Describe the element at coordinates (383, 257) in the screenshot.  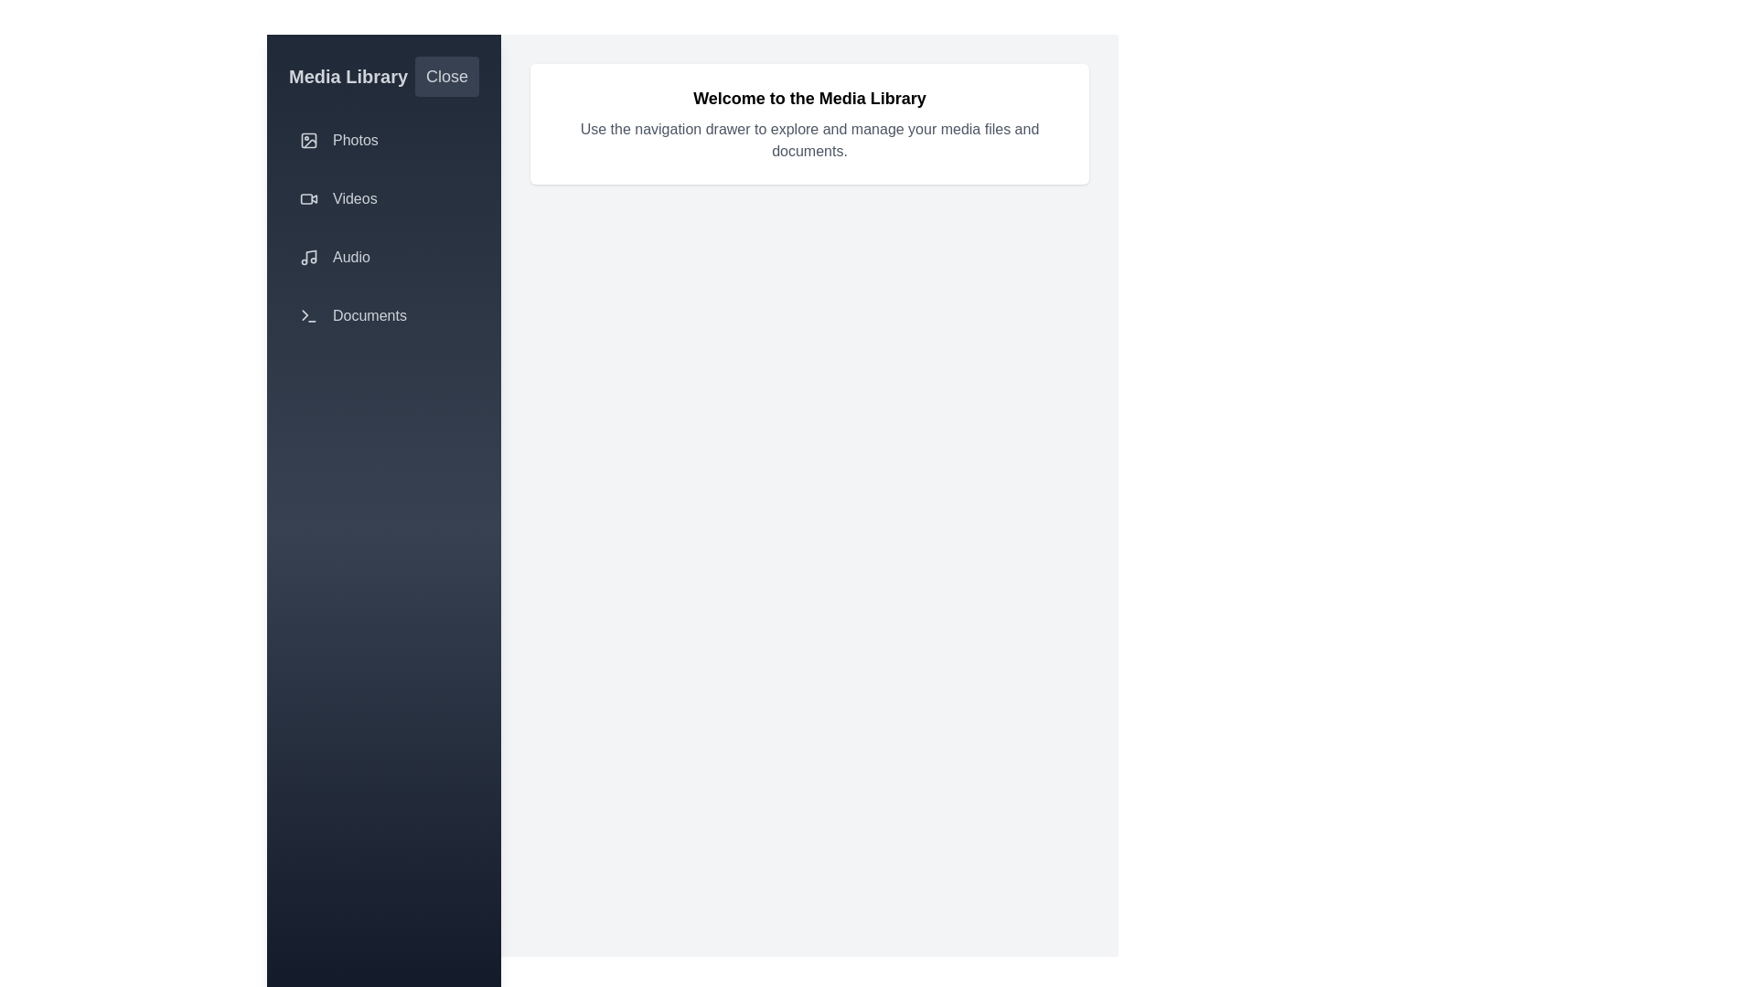
I see `the sidebar options: Audio` at that location.